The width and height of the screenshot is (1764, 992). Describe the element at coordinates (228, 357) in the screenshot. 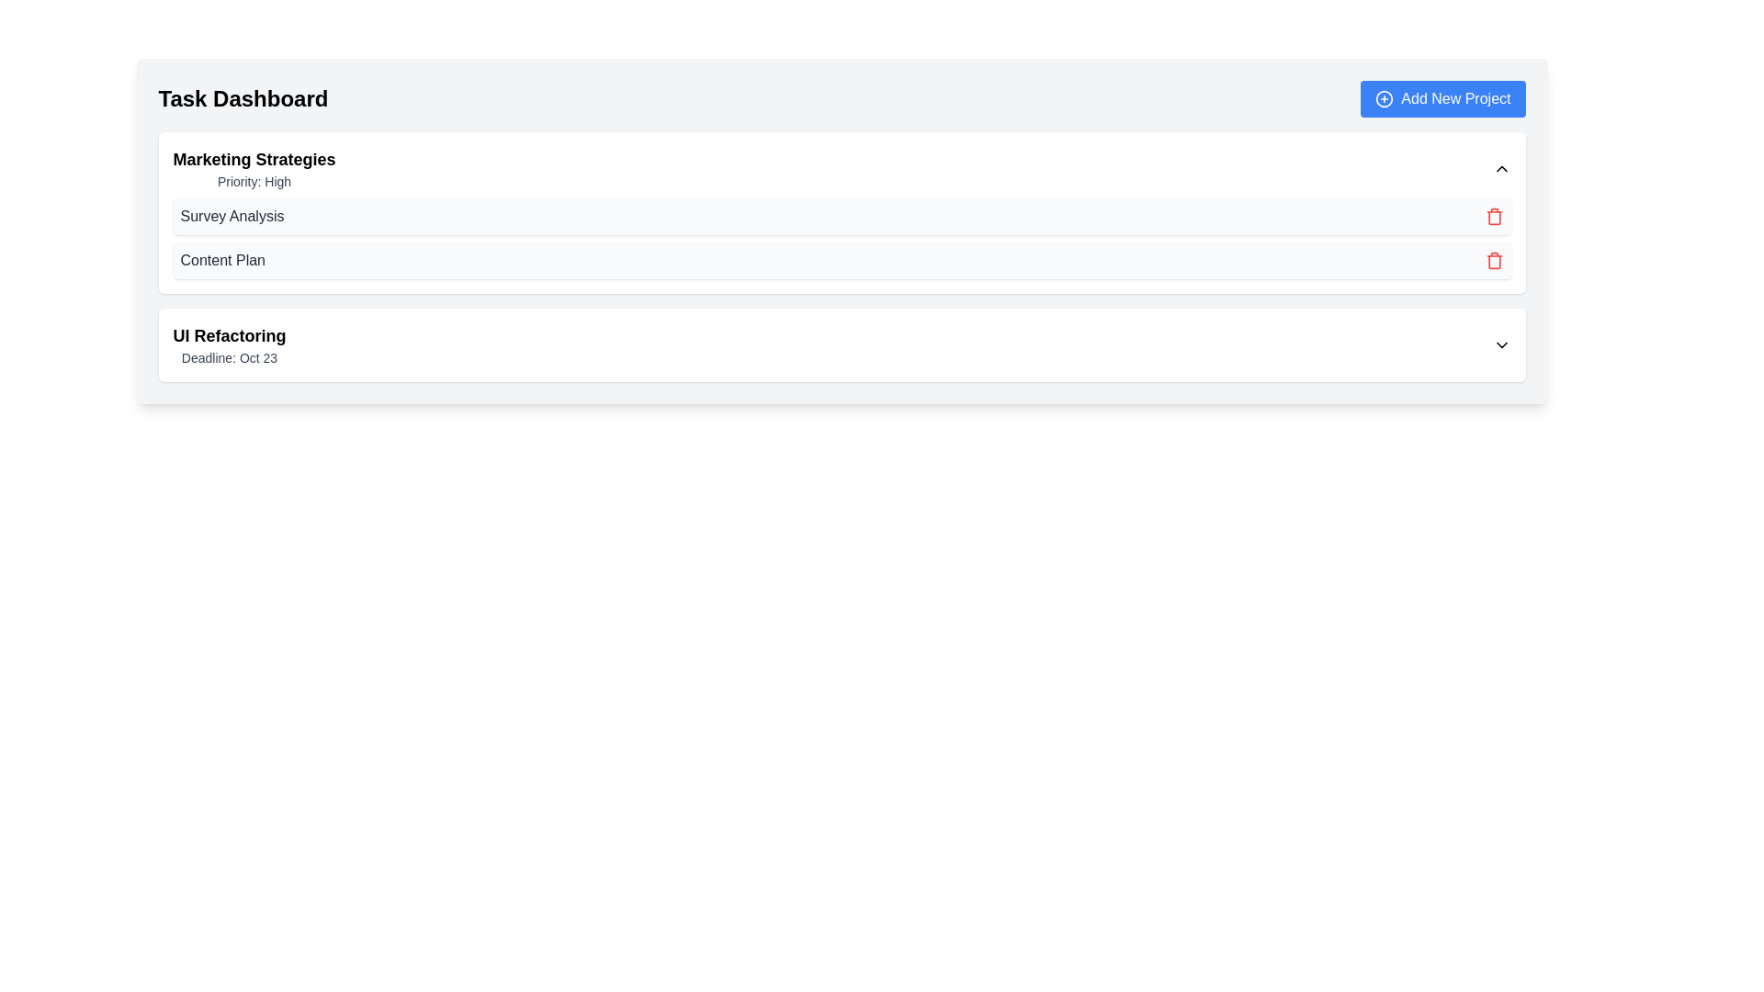

I see `the static text label displaying the deadline for the 'UI Refactoring' task, which is located below the title 'UI Refactoring' and aligned horizontally` at that location.